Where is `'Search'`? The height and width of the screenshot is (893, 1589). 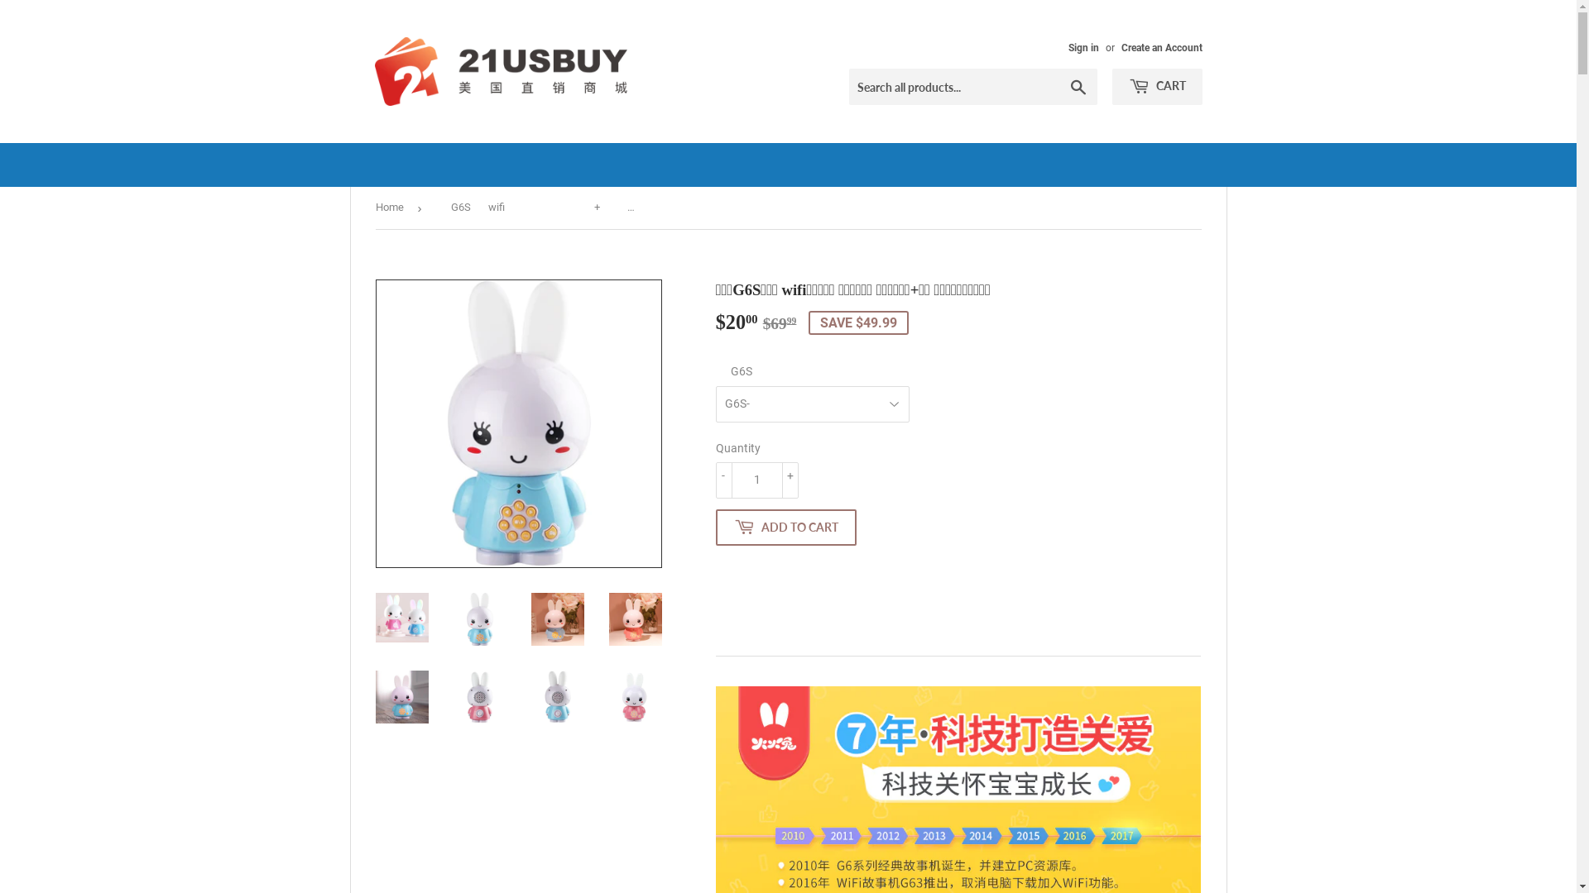 'Search' is located at coordinates (1078, 87).